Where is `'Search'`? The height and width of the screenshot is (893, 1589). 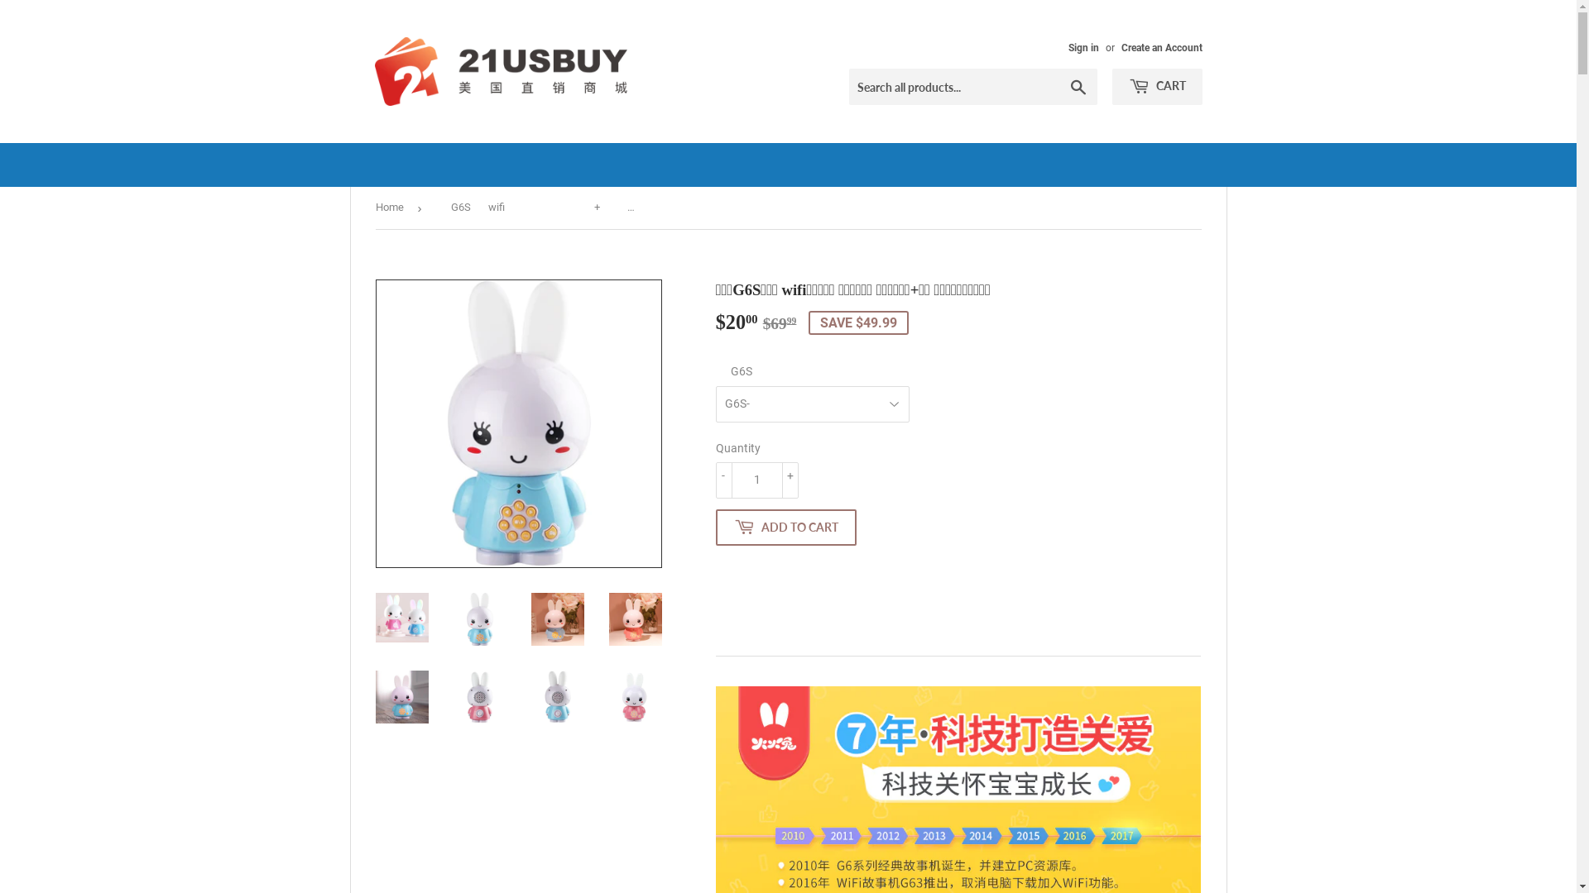 'Search' is located at coordinates (1078, 87).